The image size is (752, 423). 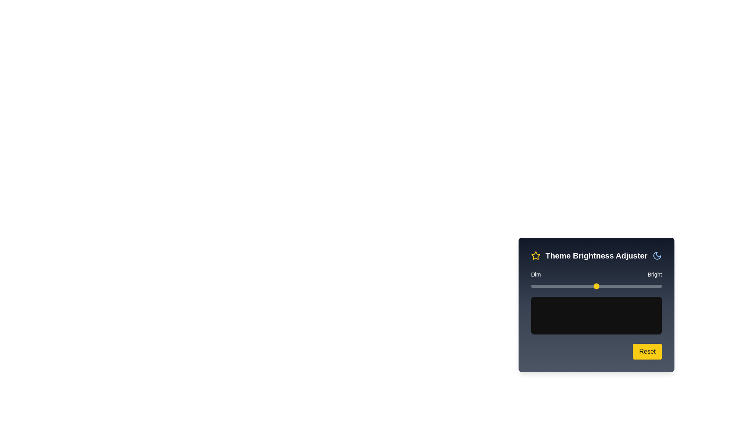 I want to click on the brightness slider to set the brightness to 89%, so click(x=647, y=286).